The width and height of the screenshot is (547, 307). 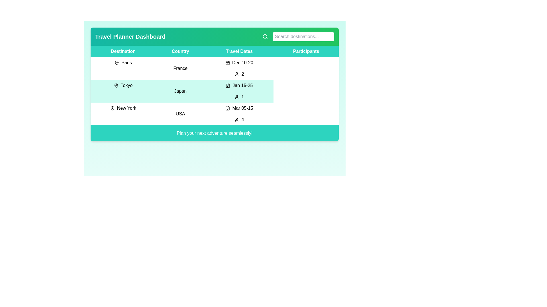 I want to click on the calendar icon element that indicates scheduled travel dates for 'Tokyo, Japan', so click(x=228, y=86).